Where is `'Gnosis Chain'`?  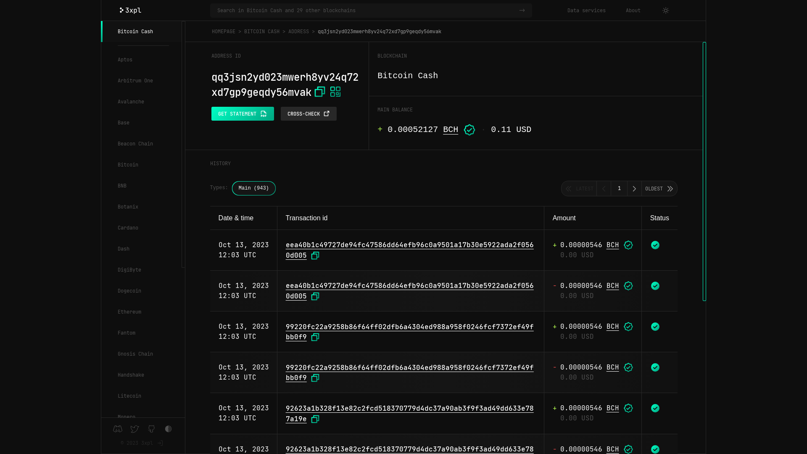
'Gnosis Chain' is located at coordinates (141, 354).